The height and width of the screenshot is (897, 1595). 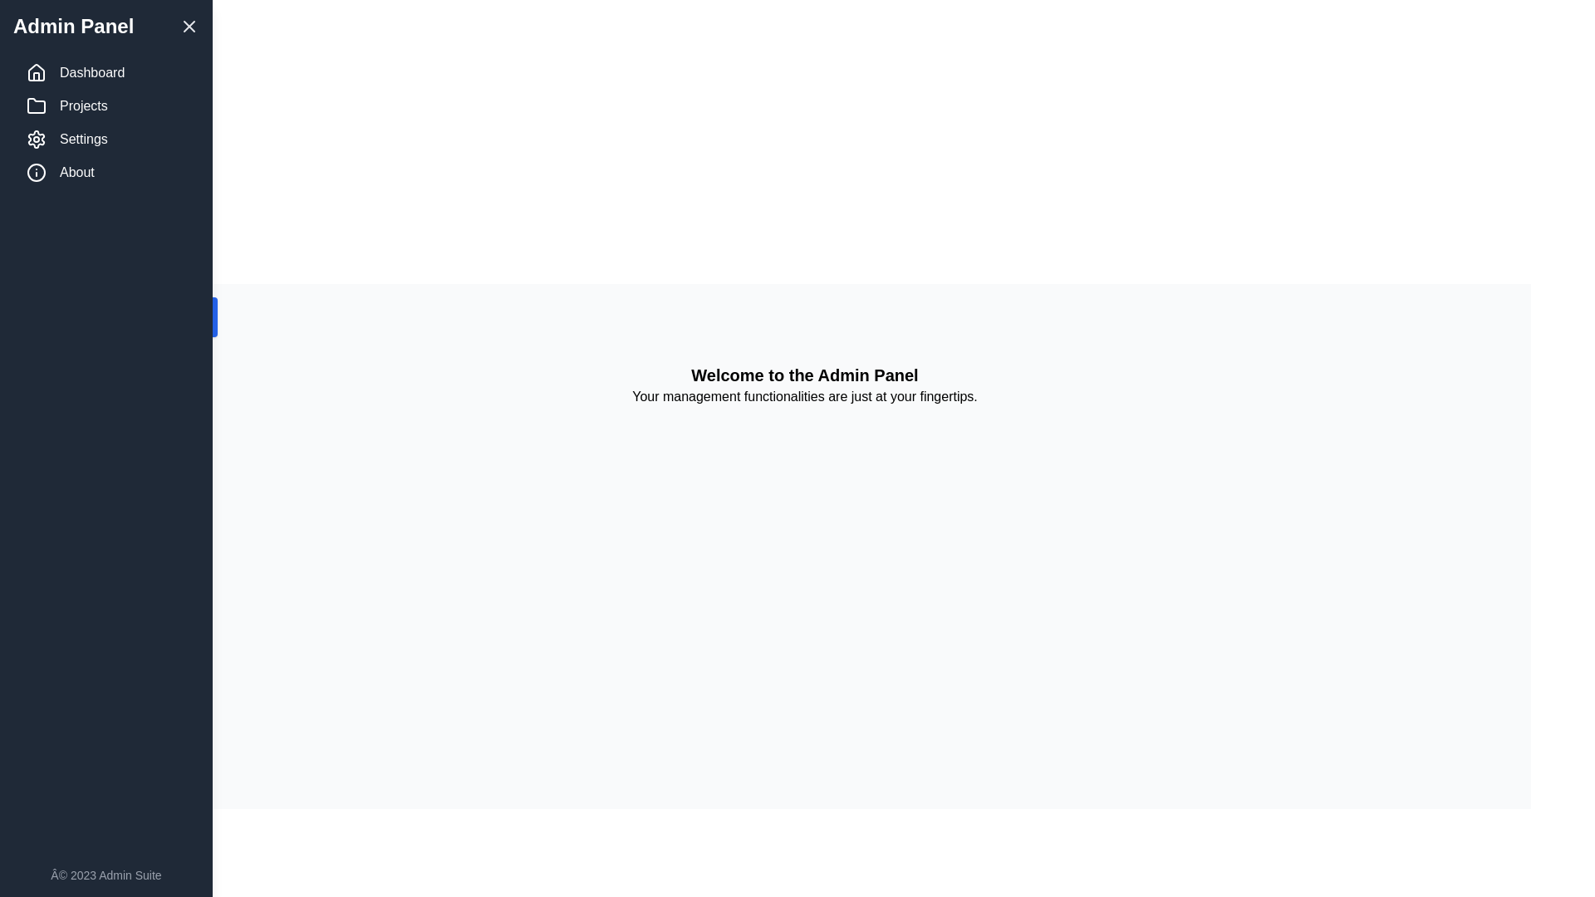 What do you see at coordinates (36, 139) in the screenshot?
I see `the gear icon located in the 'Settings' menu item in the vertical navigation bar` at bounding box center [36, 139].